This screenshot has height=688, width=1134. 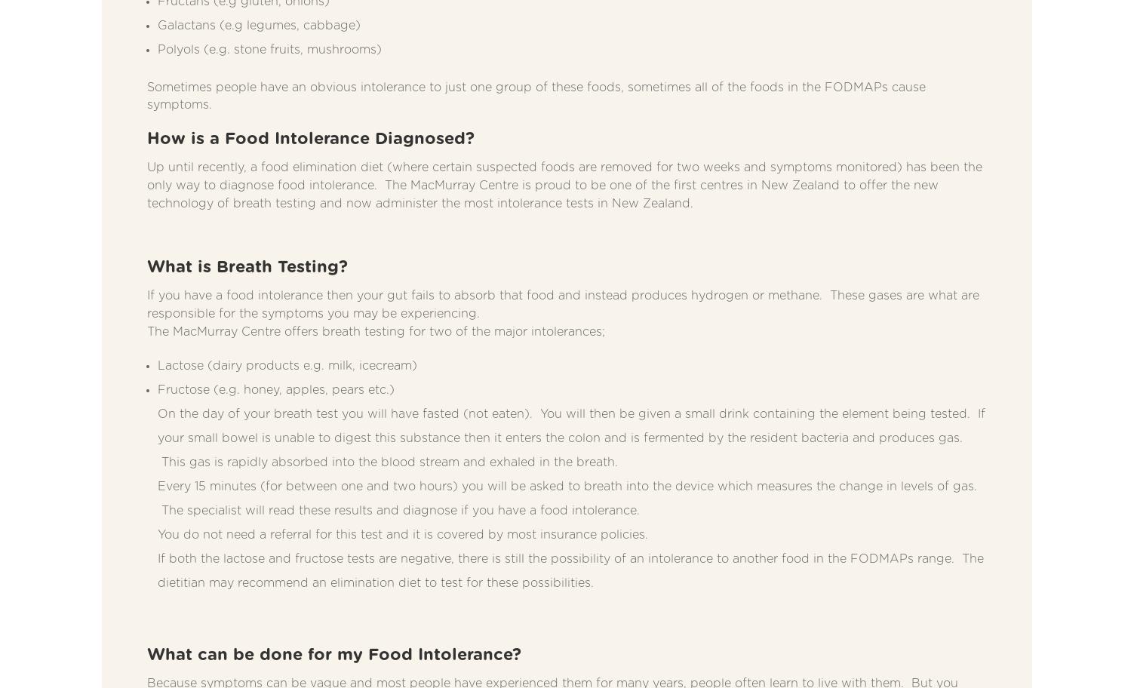 What do you see at coordinates (246, 266) in the screenshot?
I see `'What is Breath Testing?'` at bounding box center [246, 266].